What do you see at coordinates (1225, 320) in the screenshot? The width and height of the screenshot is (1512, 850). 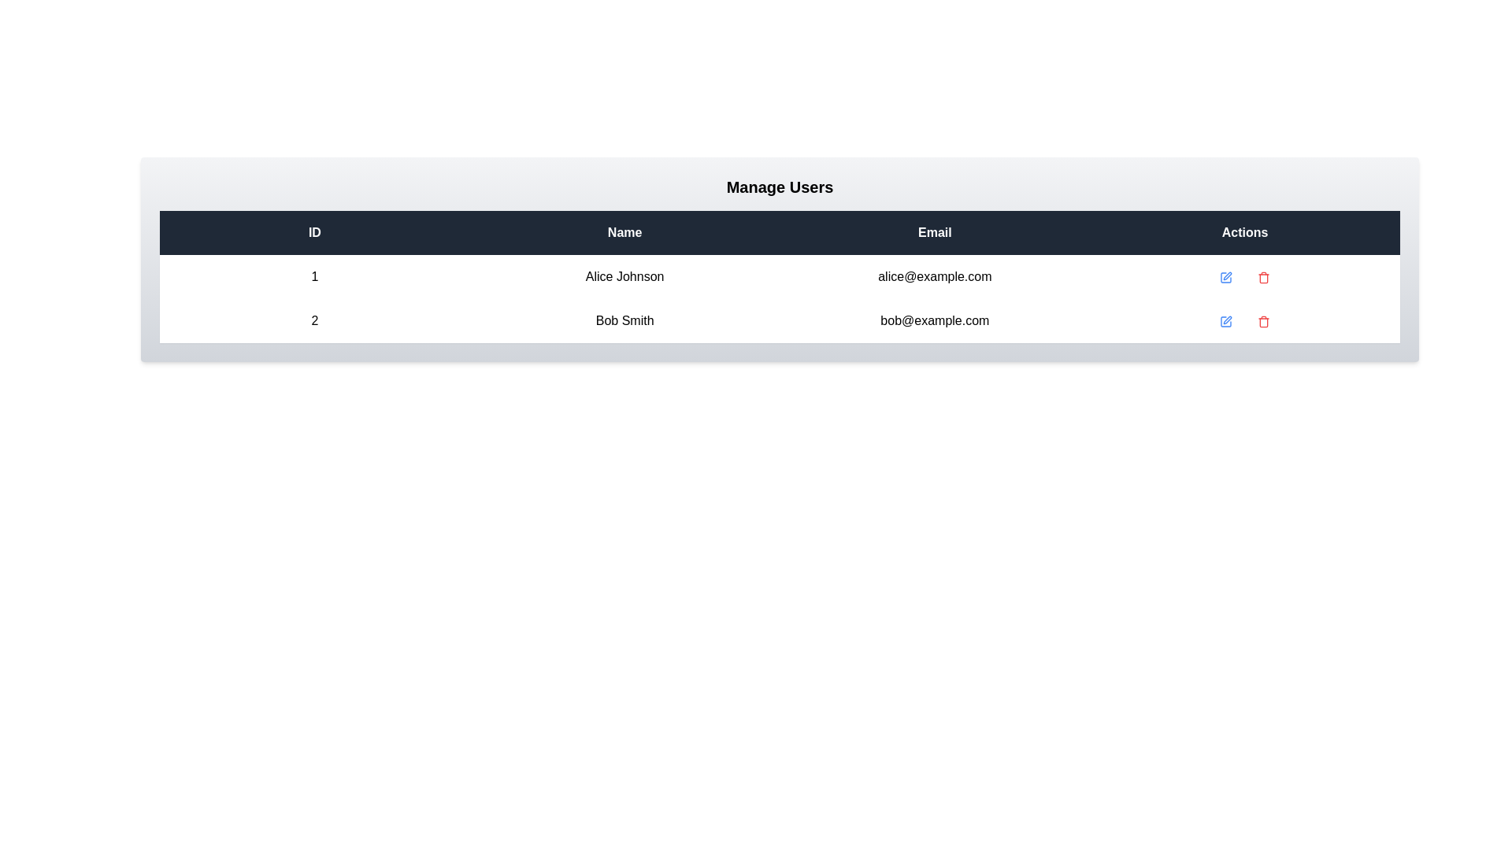 I see `the 'Edit' icon for the user with ID 2` at bounding box center [1225, 320].